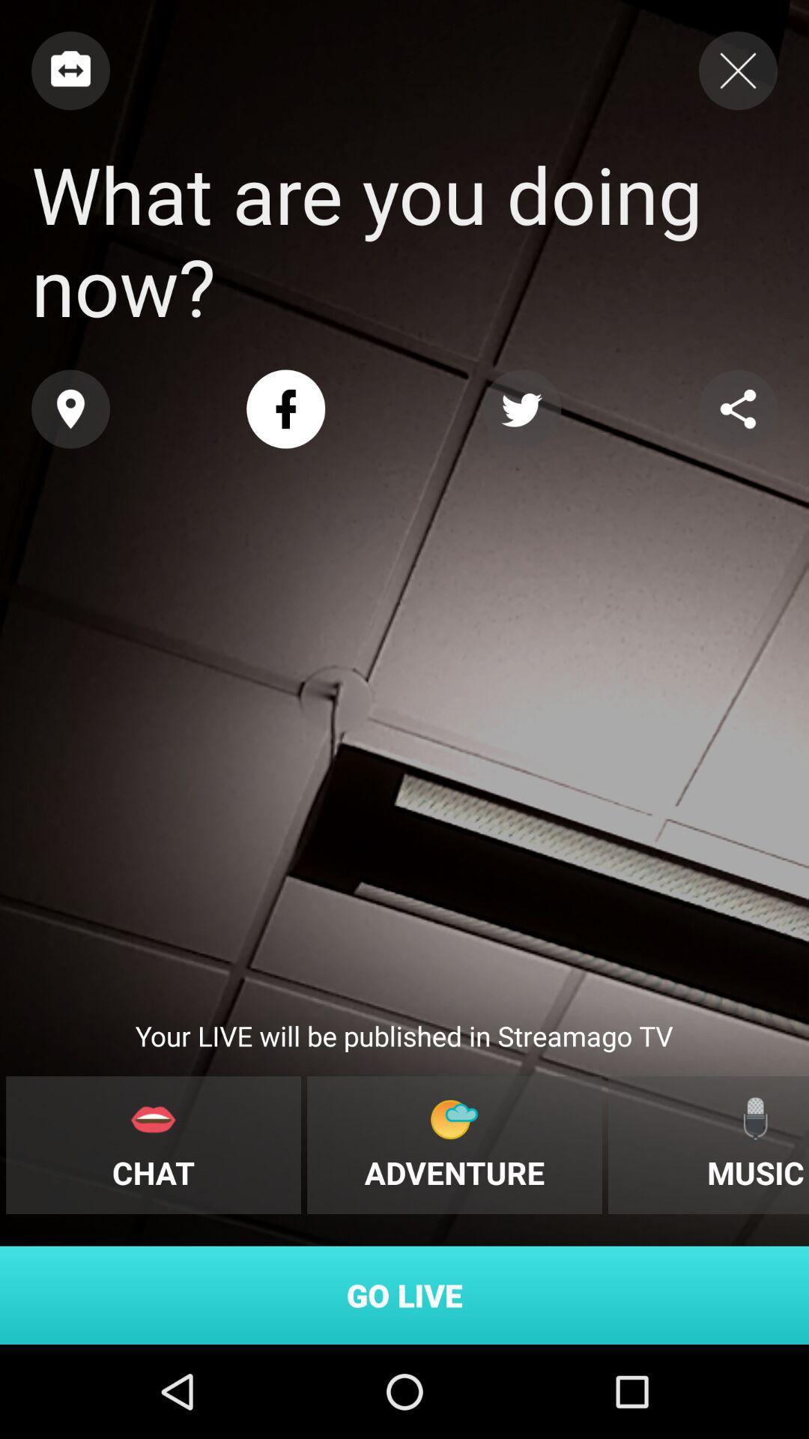 Image resolution: width=809 pixels, height=1439 pixels. Describe the element at coordinates (521, 409) in the screenshot. I see `twitter page` at that location.